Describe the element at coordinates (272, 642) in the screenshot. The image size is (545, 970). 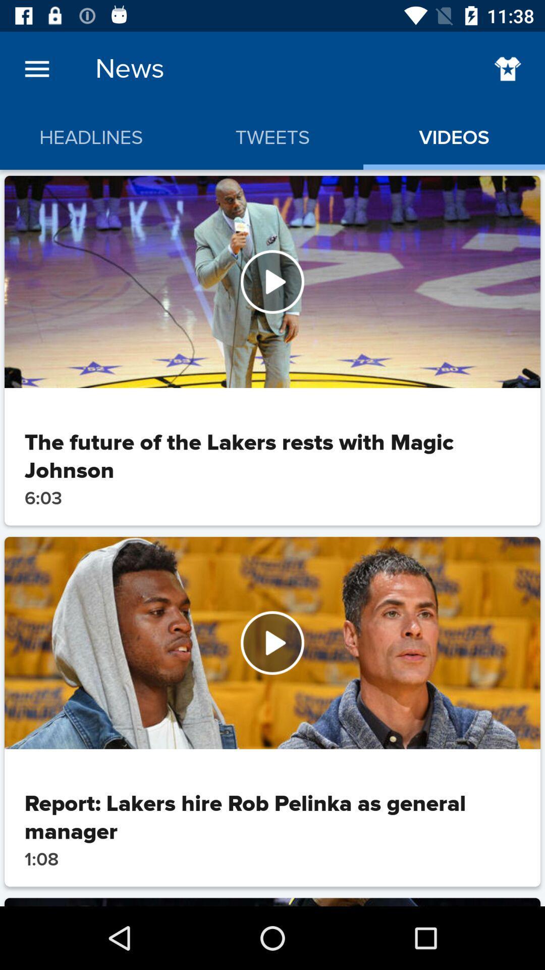
I see `watch the video` at that location.